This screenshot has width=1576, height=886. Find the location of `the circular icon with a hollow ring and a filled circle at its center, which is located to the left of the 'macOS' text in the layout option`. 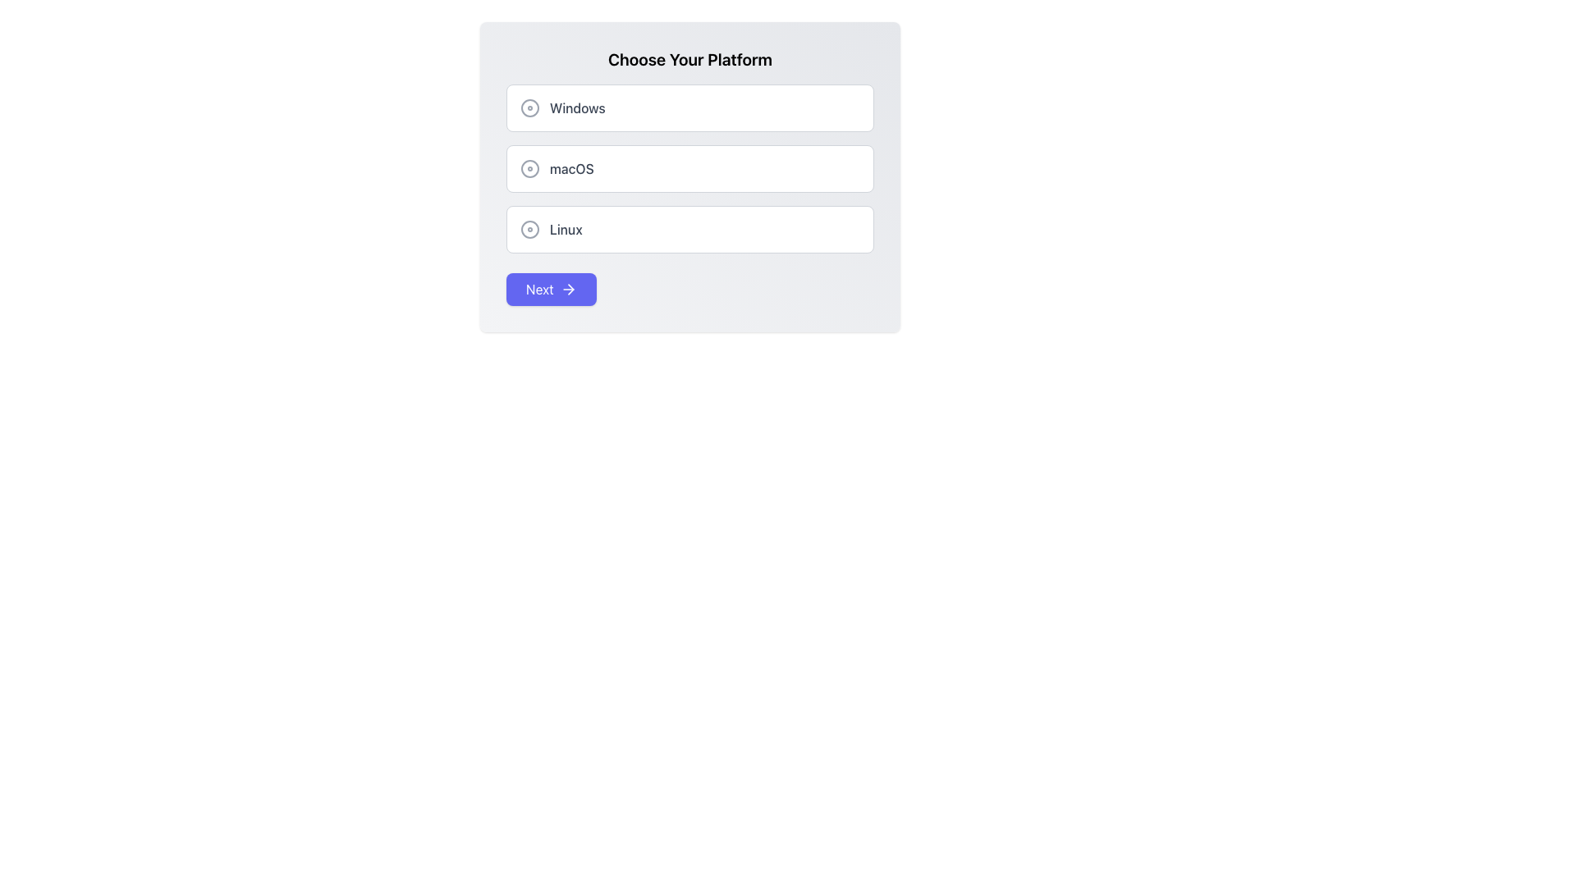

the circular icon with a hollow ring and a filled circle at its center, which is located to the left of the 'macOS' text in the layout option is located at coordinates (530, 168).